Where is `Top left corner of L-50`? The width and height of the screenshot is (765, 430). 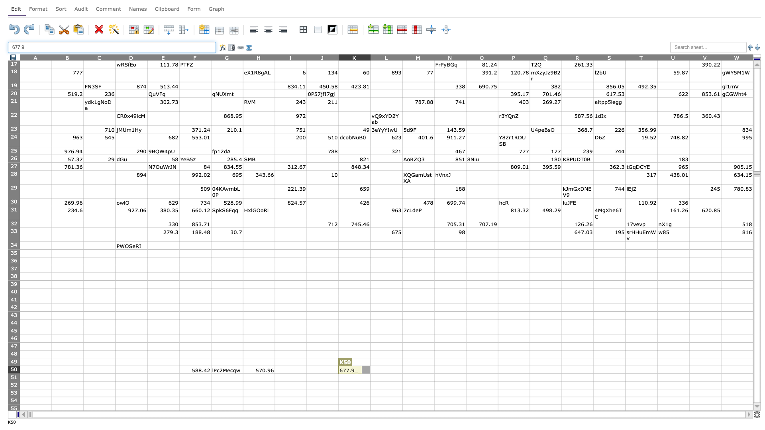 Top left corner of L-50 is located at coordinates (370, 365).